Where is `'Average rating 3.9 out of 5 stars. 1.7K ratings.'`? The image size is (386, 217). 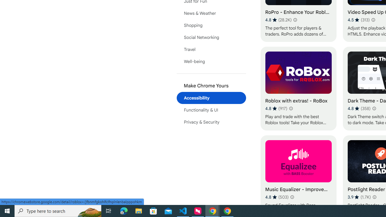 'Average rating 3.9 out of 5 stars. 1.7K ratings.' is located at coordinates (359, 197).